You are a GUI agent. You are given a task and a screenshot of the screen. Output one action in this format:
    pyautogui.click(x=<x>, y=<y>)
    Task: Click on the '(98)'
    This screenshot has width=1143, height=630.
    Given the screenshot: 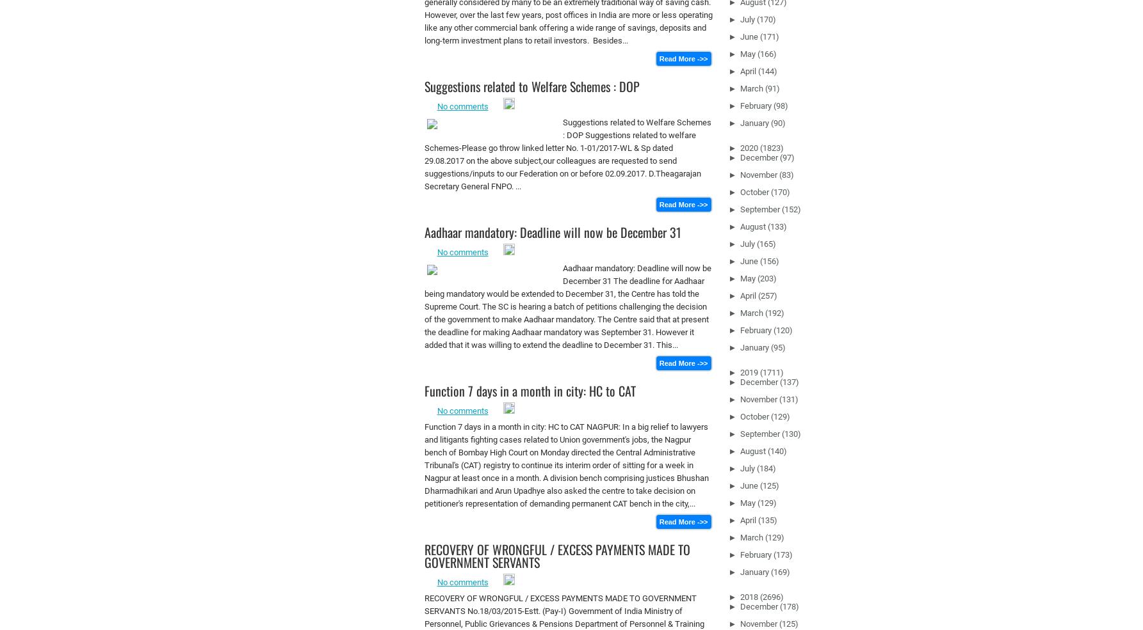 What is the action you would take?
    pyautogui.click(x=780, y=105)
    